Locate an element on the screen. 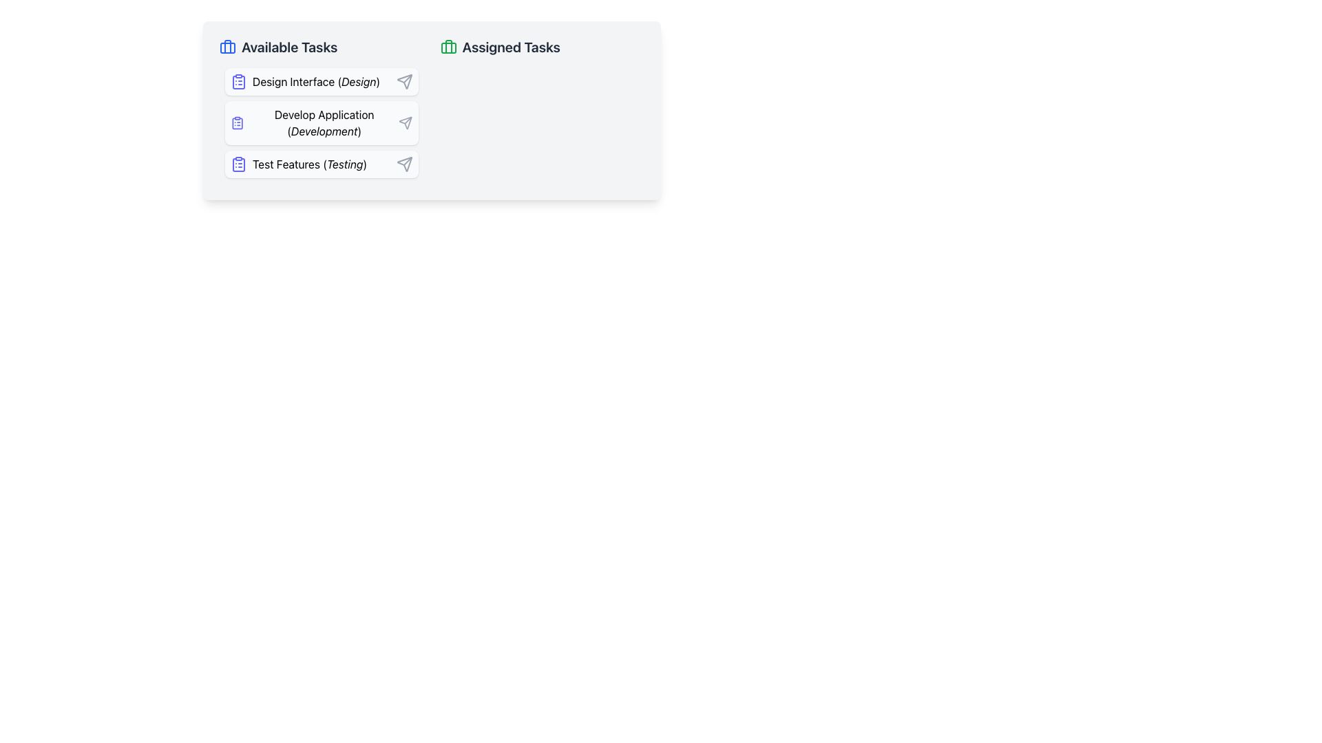  the Header or Title Label indicating 'Available Tasks', which is located at the top-left position of the section and serves to title the content below it is located at coordinates (321, 47).